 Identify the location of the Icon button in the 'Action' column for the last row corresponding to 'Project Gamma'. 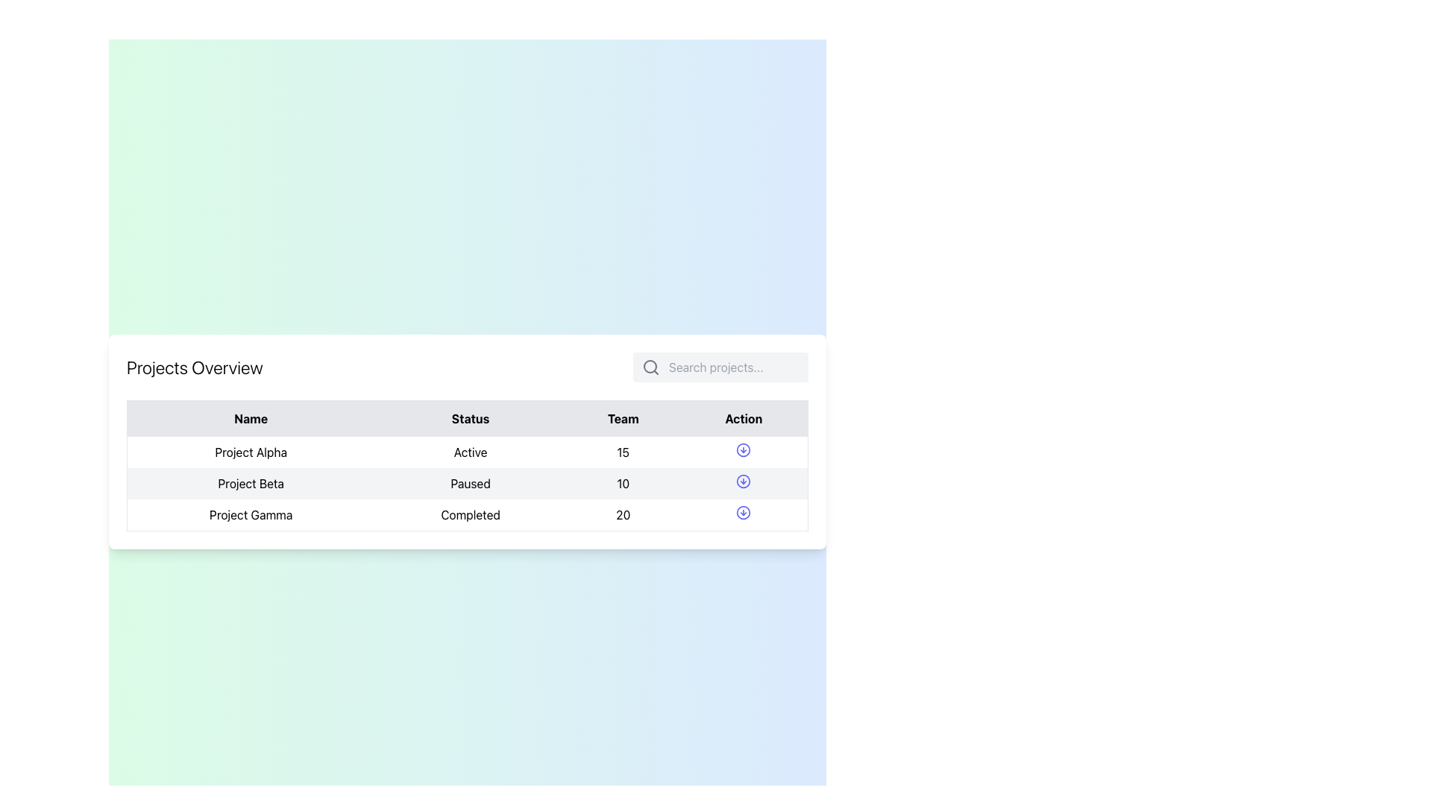
(744, 511).